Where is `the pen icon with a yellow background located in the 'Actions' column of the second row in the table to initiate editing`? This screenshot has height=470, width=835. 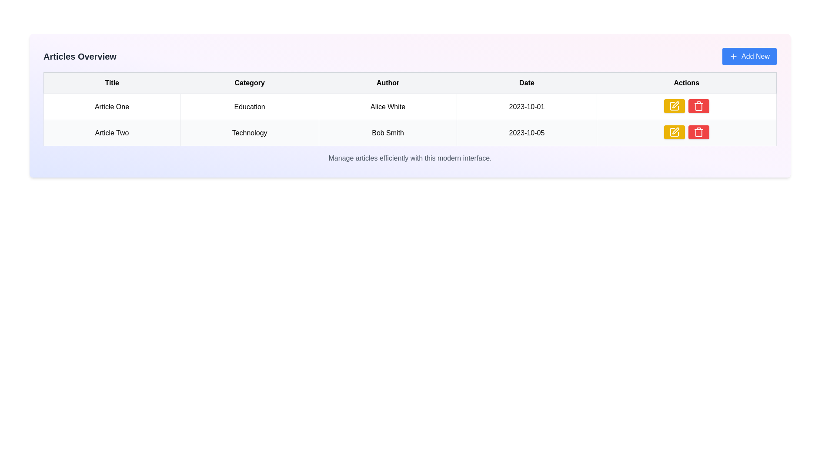
the pen icon with a yellow background located in the 'Actions' column of the second row in the table to initiate editing is located at coordinates (675, 131).